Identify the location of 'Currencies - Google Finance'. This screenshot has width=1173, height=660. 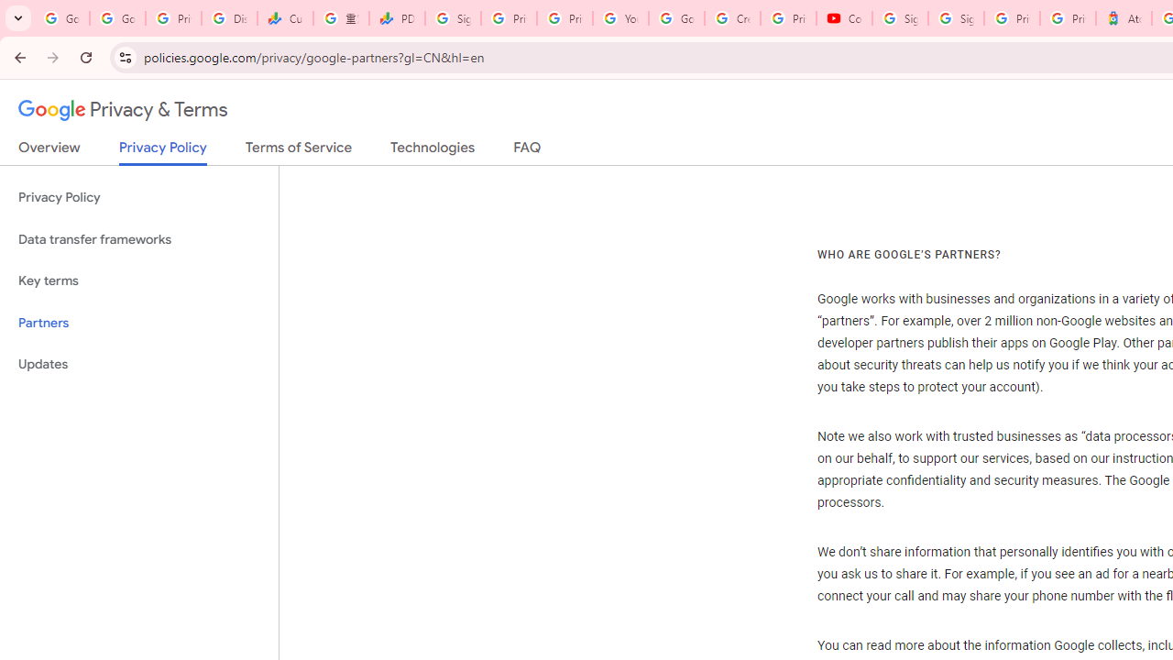
(284, 18).